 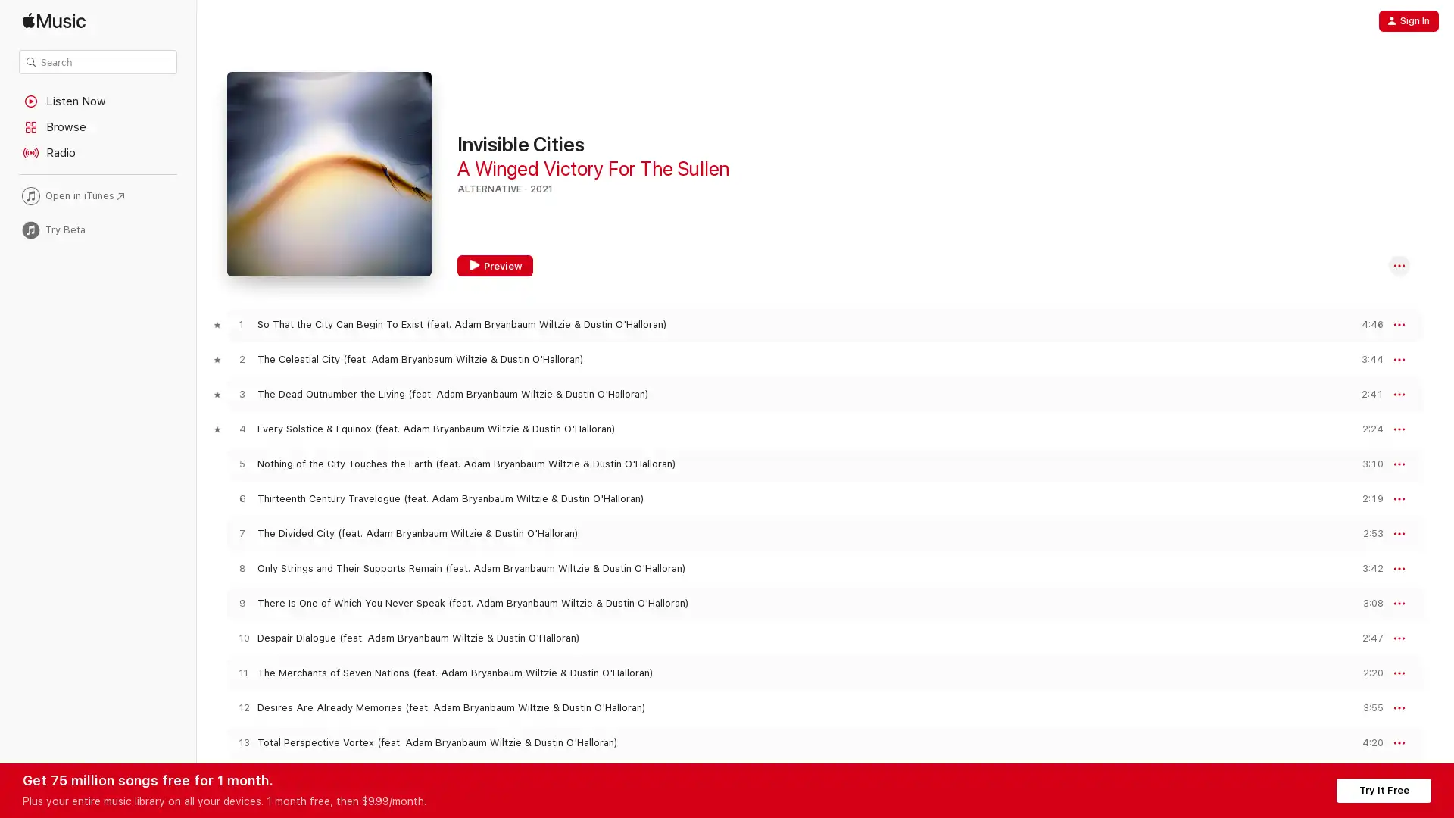 What do you see at coordinates (241, 429) in the screenshot?
I see `Play` at bounding box center [241, 429].